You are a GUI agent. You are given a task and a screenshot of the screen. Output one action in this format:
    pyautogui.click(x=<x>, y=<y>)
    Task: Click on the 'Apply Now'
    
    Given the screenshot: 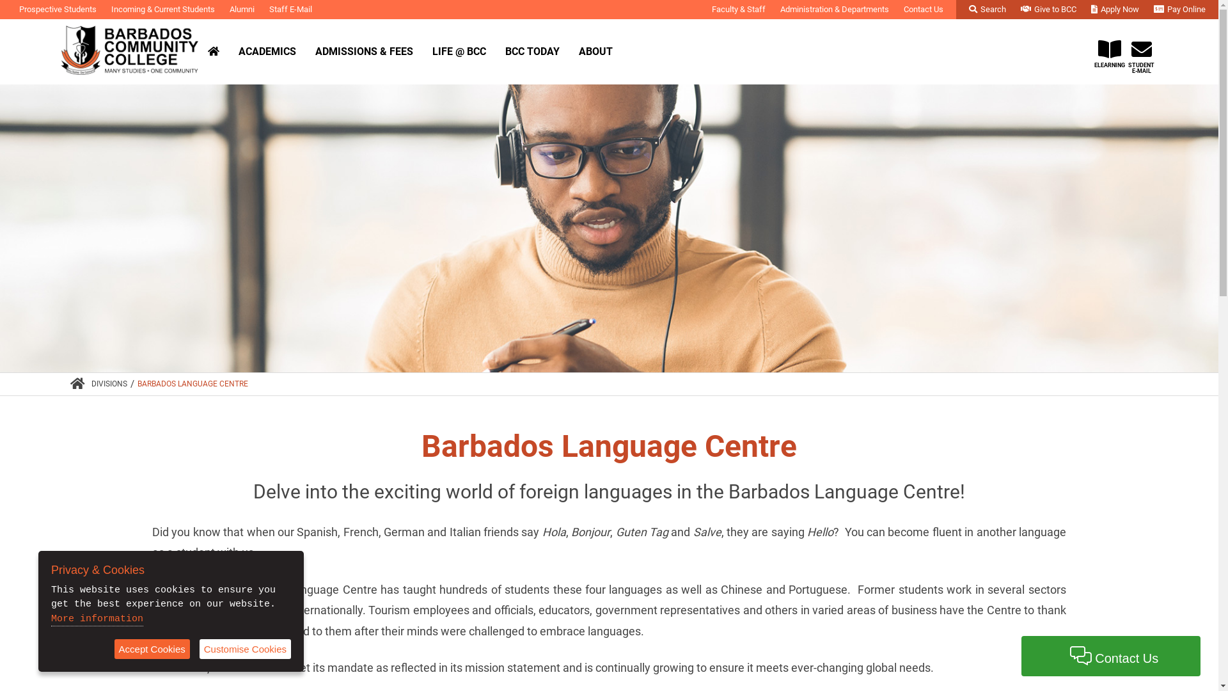 What is the action you would take?
    pyautogui.click(x=1114, y=9)
    